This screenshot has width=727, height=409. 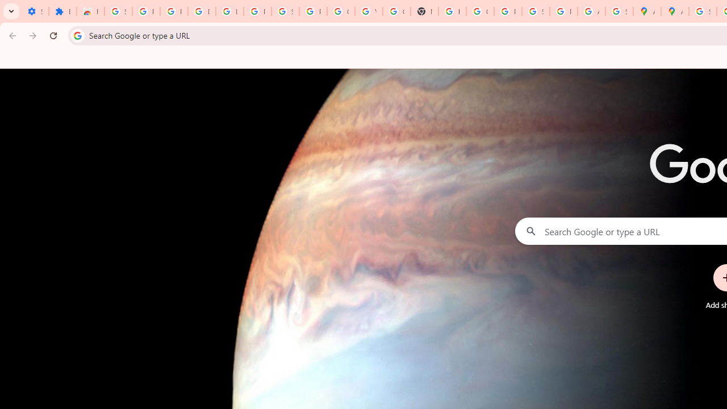 What do you see at coordinates (369, 11) in the screenshot?
I see `'YouTube'` at bounding box center [369, 11].